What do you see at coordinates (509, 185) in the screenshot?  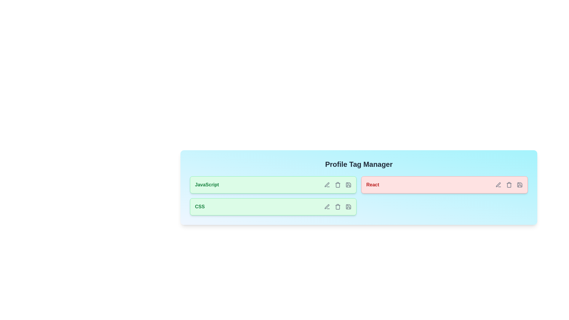 I see `the delete icon for the tag React` at bounding box center [509, 185].